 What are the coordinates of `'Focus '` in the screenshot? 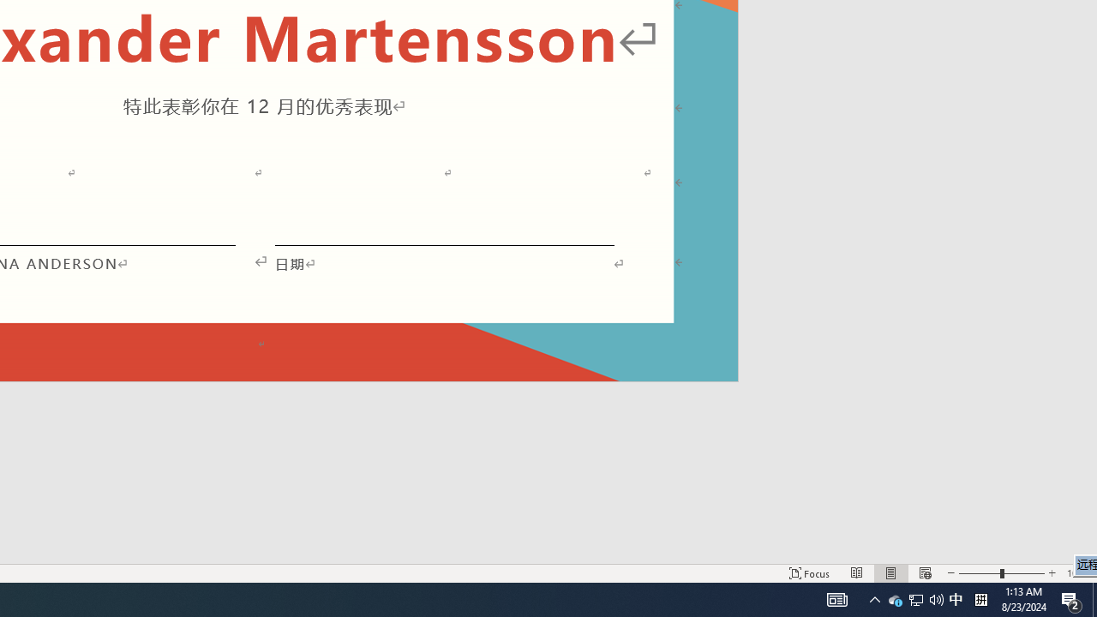 It's located at (808, 573).